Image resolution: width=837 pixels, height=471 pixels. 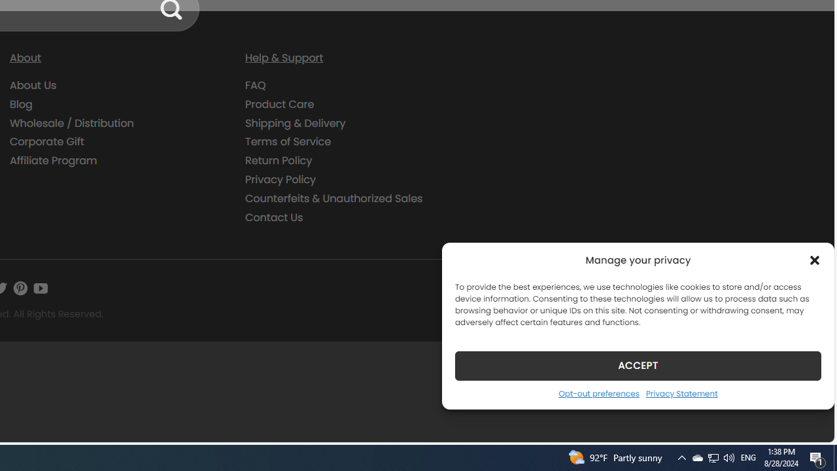 I want to click on 'Affiliate Program', so click(x=118, y=160).